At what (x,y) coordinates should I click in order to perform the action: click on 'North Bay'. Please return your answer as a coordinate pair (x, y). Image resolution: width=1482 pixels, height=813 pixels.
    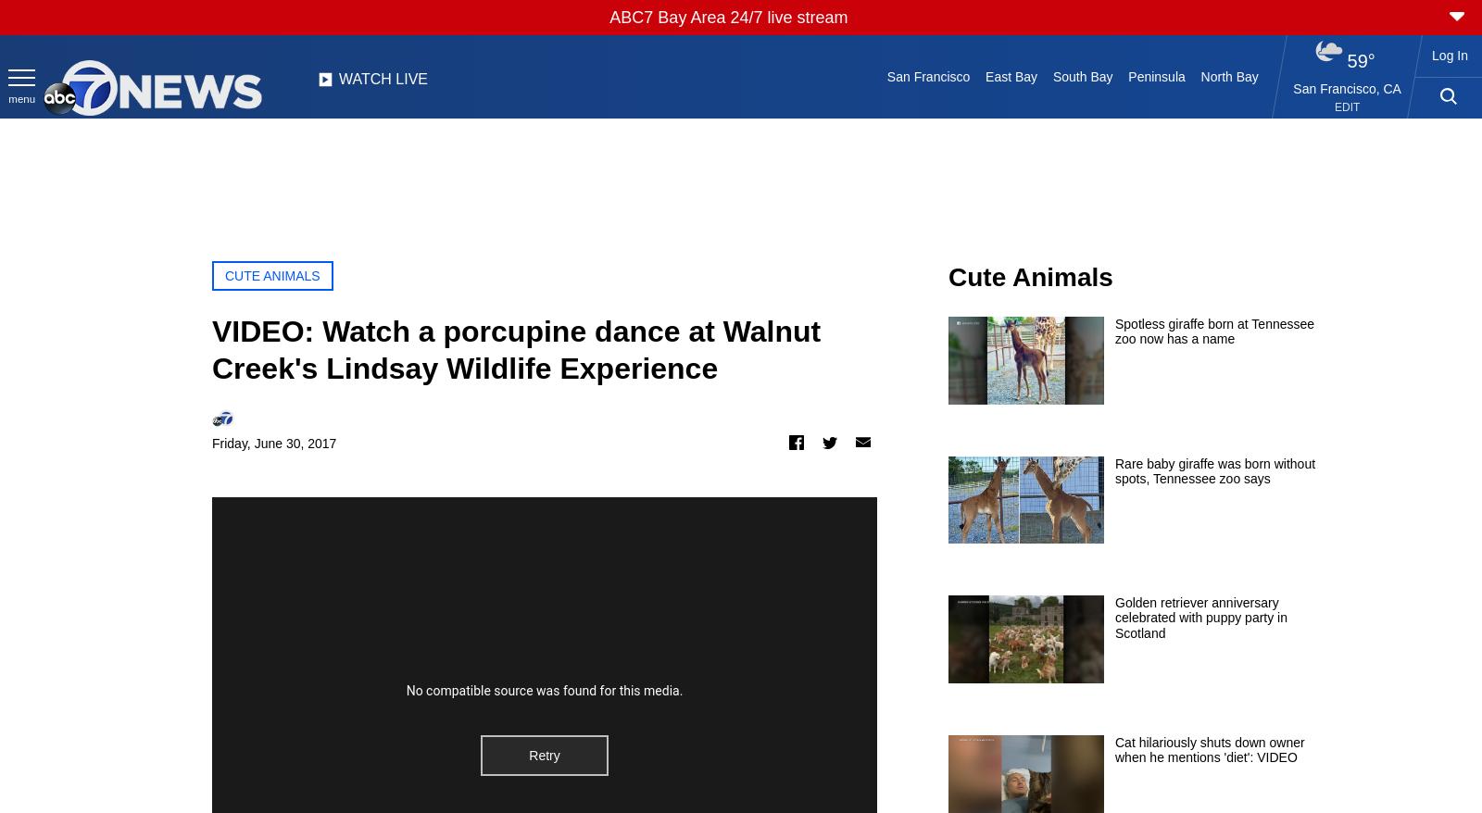
    Looking at the image, I should click on (1228, 76).